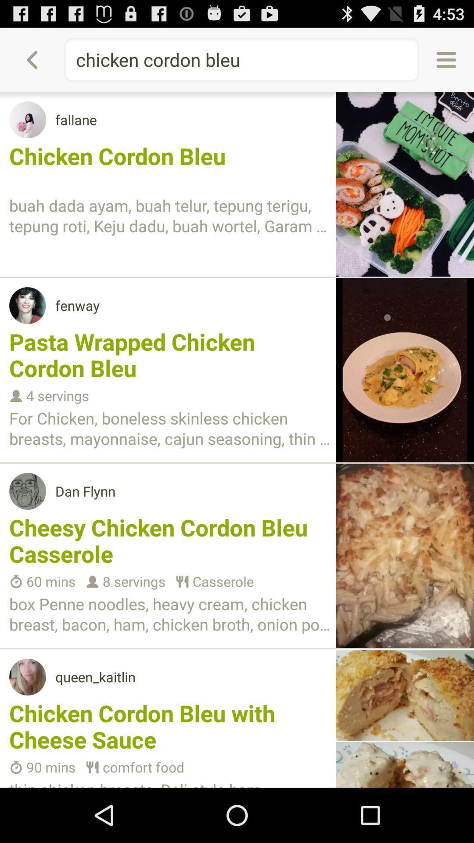 This screenshot has width=474, height=843. Describe the element at coordinates (32, 59) in the screenshot. I see `icon next to chicken cordon bleu` at that location.